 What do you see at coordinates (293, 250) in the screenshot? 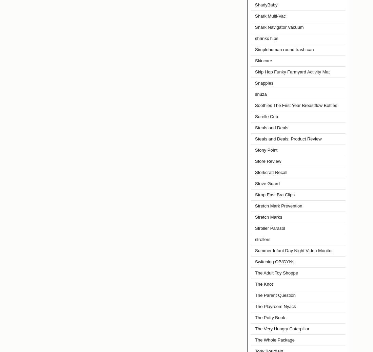
I see `'Summer Infant Day Night Video Monitor'` at bounding box center [293, 250].